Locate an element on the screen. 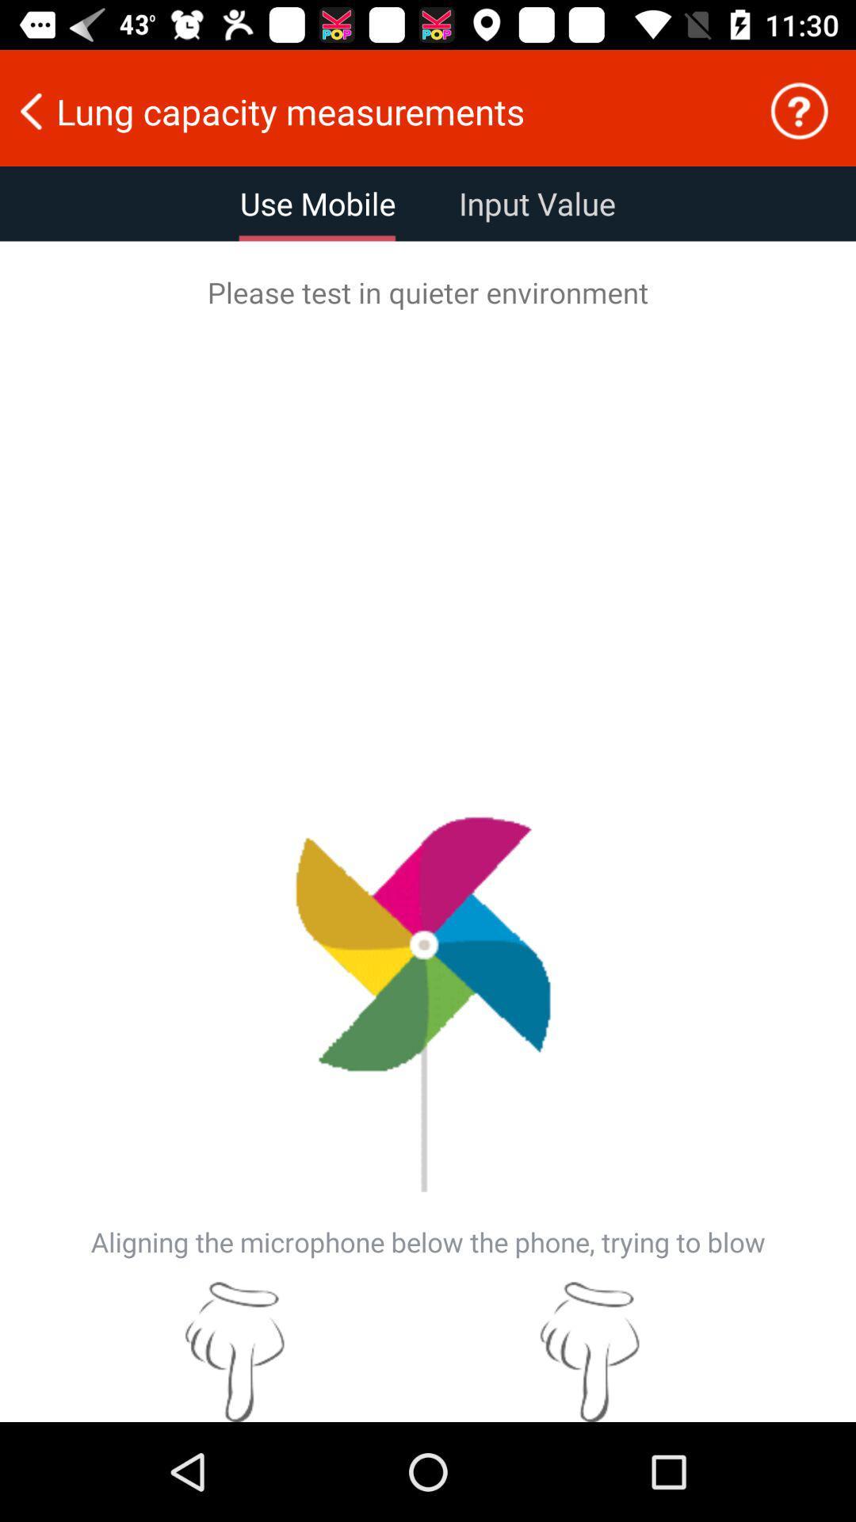  click for help info is located at coordinates (799, 110).